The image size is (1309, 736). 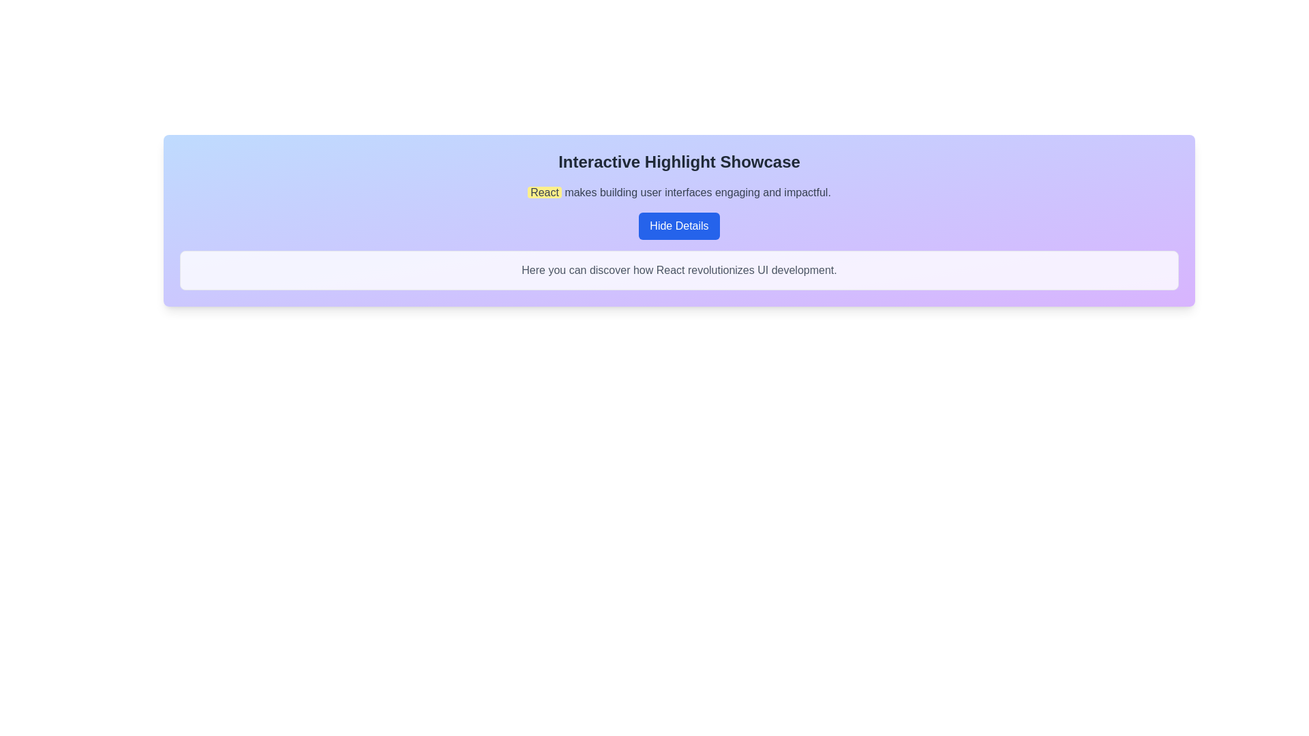 What do you see at coordinates (679, 225) in the screenshot?
I see `the fourth button under the subtitle 'React makes building user interfaces engaging and impactful.'` at bounding box center [679, 225].